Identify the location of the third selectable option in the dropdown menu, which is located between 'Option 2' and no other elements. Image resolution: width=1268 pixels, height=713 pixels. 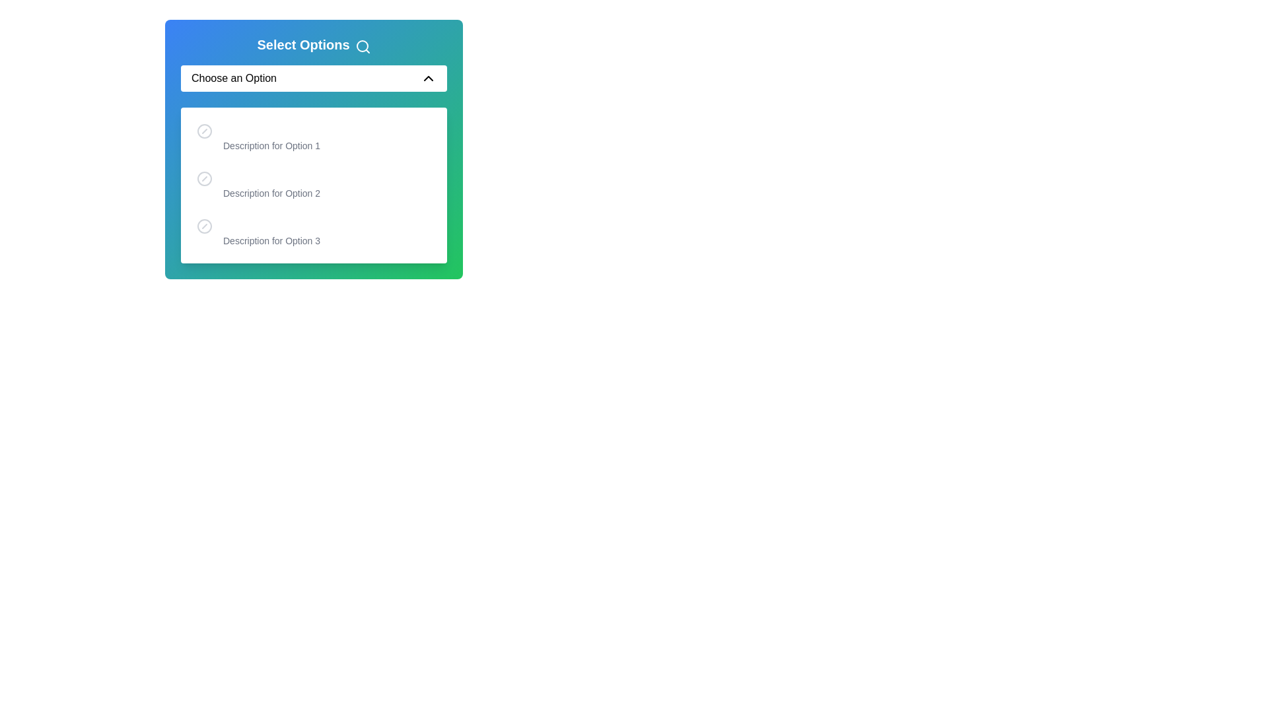
(313, 232).